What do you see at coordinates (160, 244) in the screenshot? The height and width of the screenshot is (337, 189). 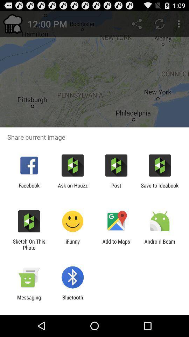 I see `icon next to the add to maps app` at bounding box center [160, 244].